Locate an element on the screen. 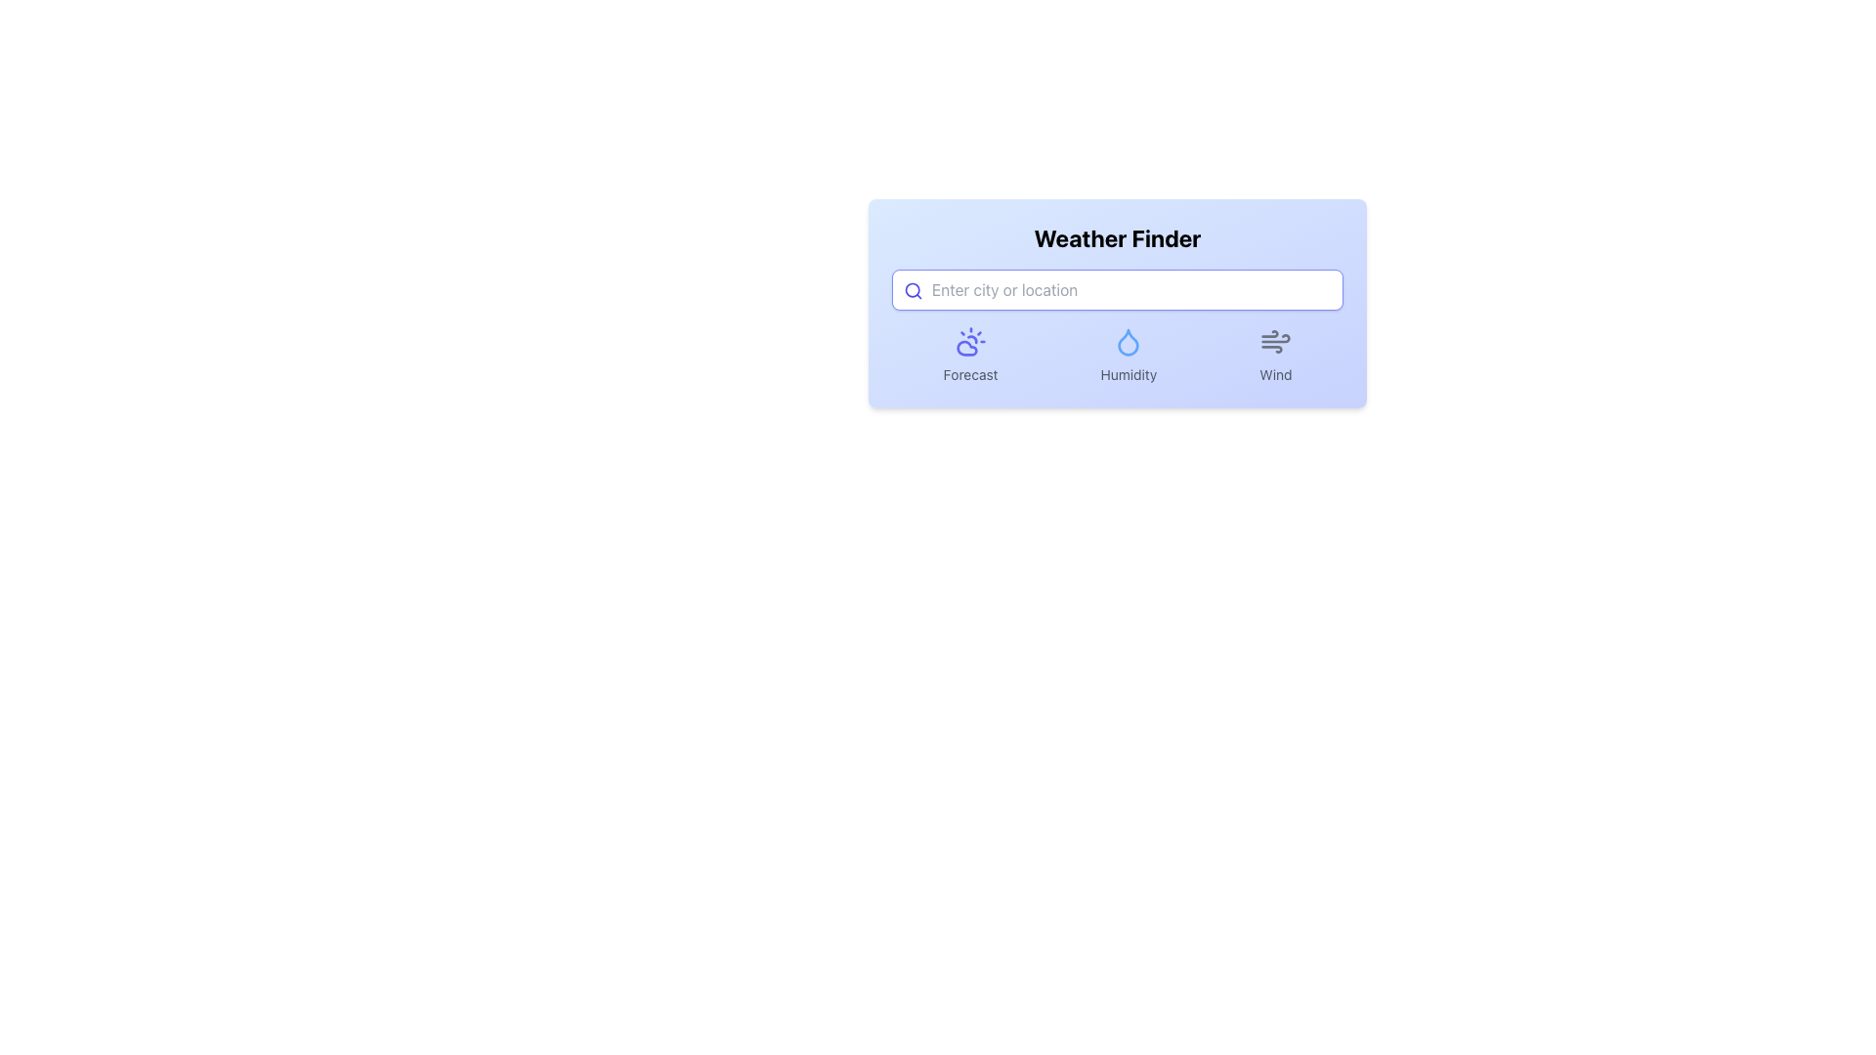  the wind icon, which is the third icon in a row of weather-related icons is located at coordinates (1275, 341).